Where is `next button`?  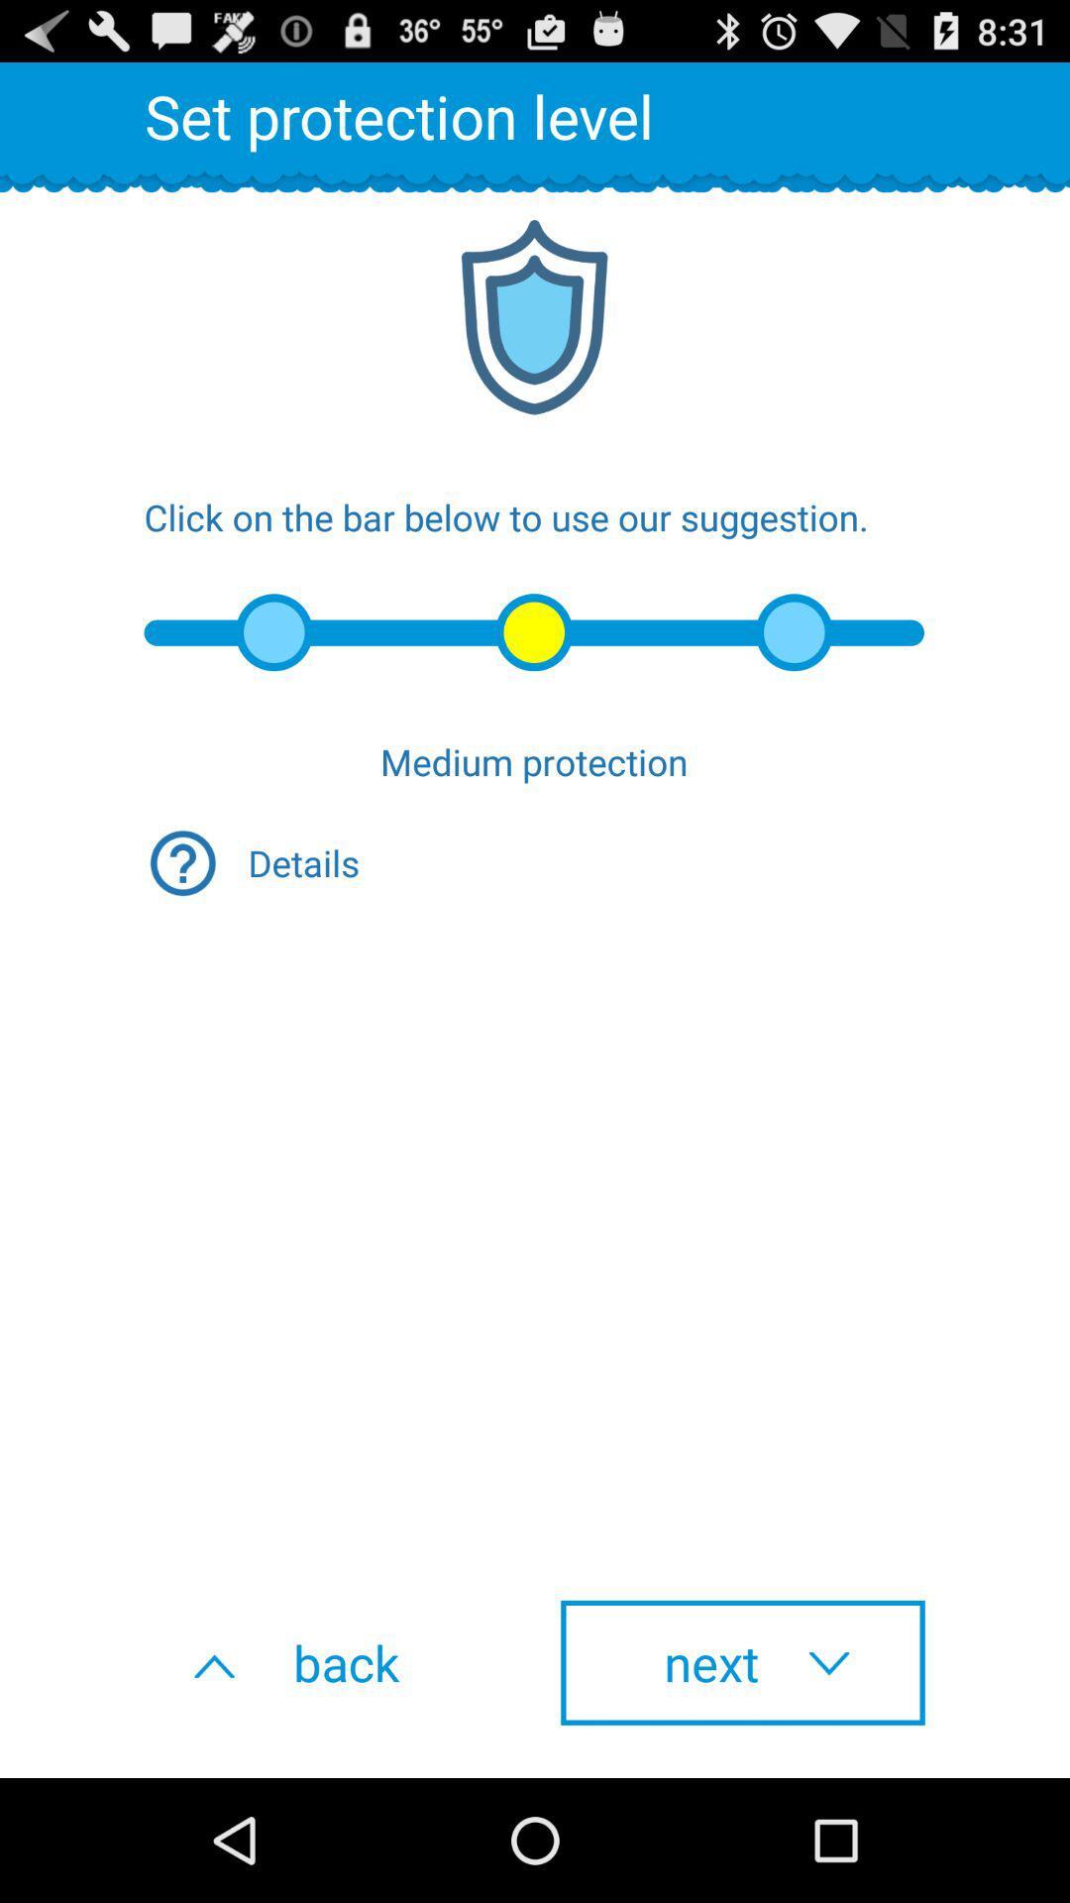
next button is located at coordinates (742, 1662).